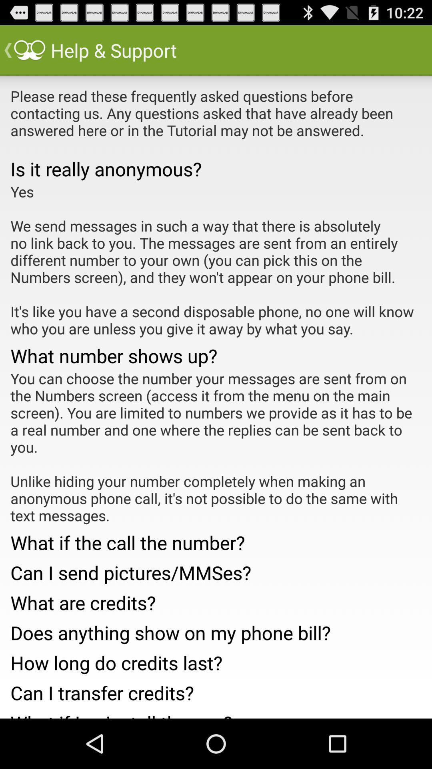 Image resolution: width=432 pixels, height=769 pixels. I want to click on the what are credits? app, so click(216, 600).